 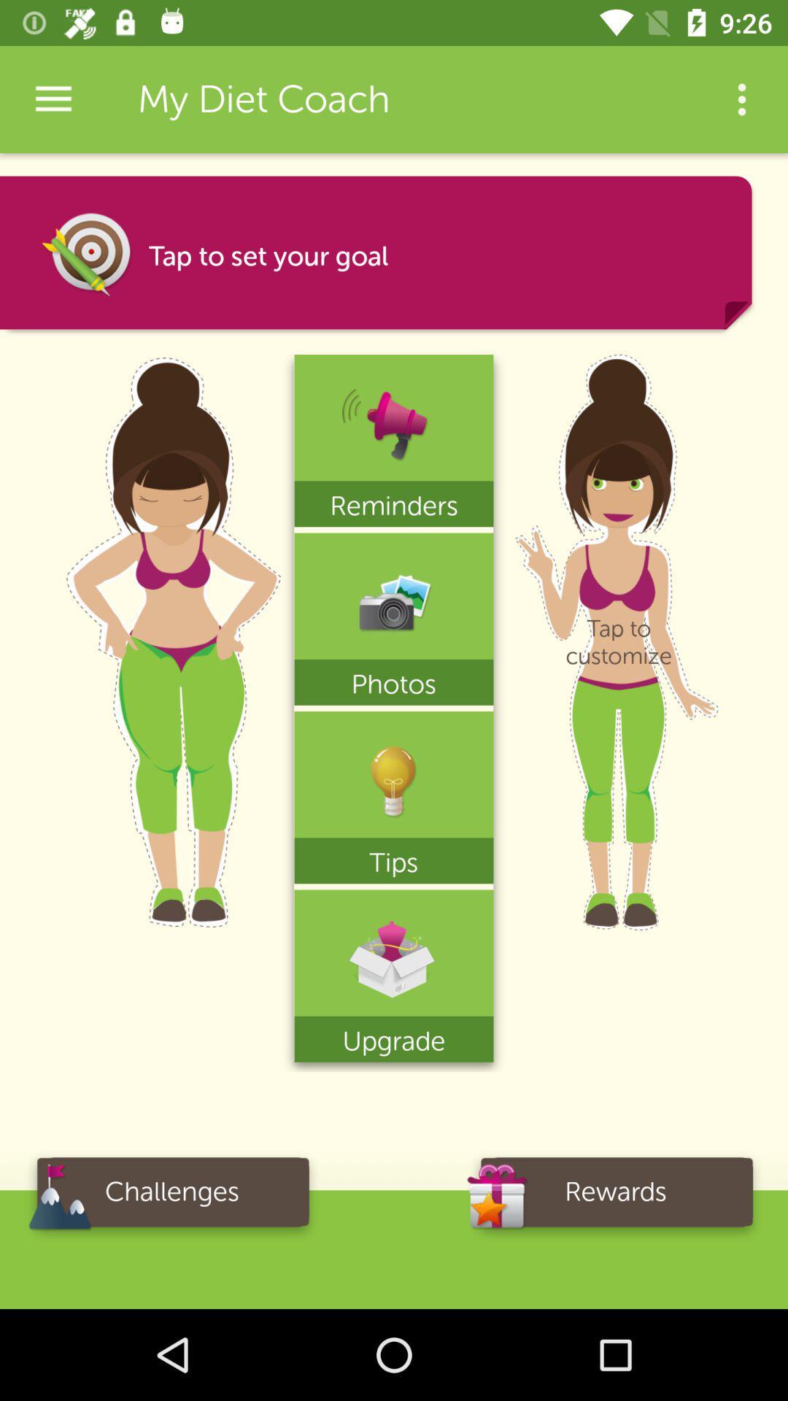 What do you see at coordinates (742, 99) in the screenshot?
I see `app next to the my diet coach item` at bounding box center [742, 99].